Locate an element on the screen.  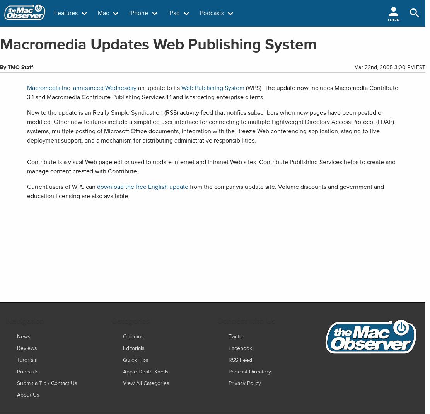
'Web Publishing System' is located at coordinates (212, 88).